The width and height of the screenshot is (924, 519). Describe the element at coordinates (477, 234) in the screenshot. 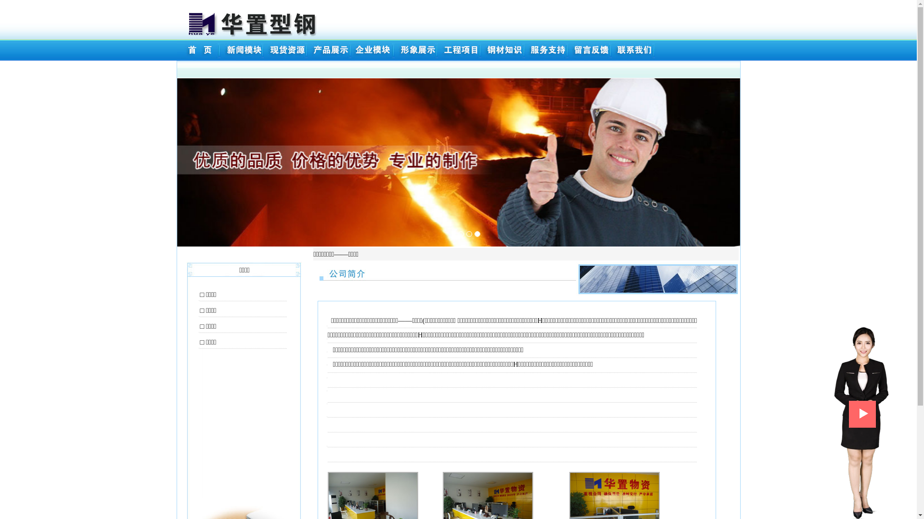

I see `'3'` at that location.